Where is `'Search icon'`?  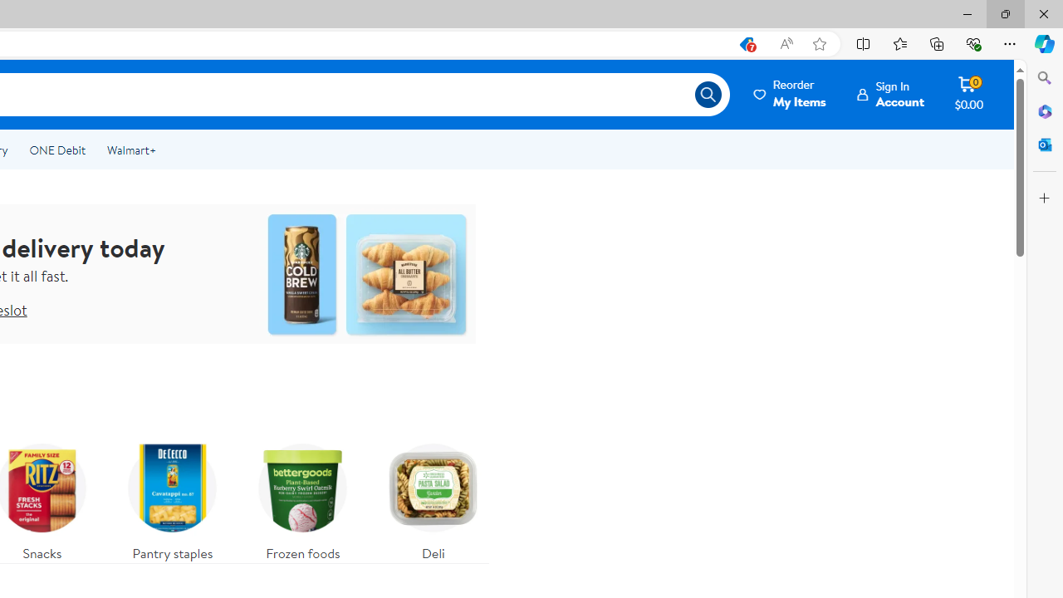 'Search icon' is located at coordinates (708, 95).